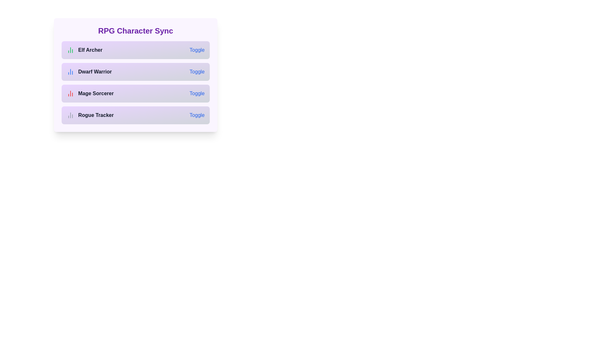 The height and width of the screenshot is (345, 613). I want to click on text from the 'Rogue Tracker' text label, which is styled in bold and placed on a light purple background in the fourth row of a vertical list, so click(95, 115).